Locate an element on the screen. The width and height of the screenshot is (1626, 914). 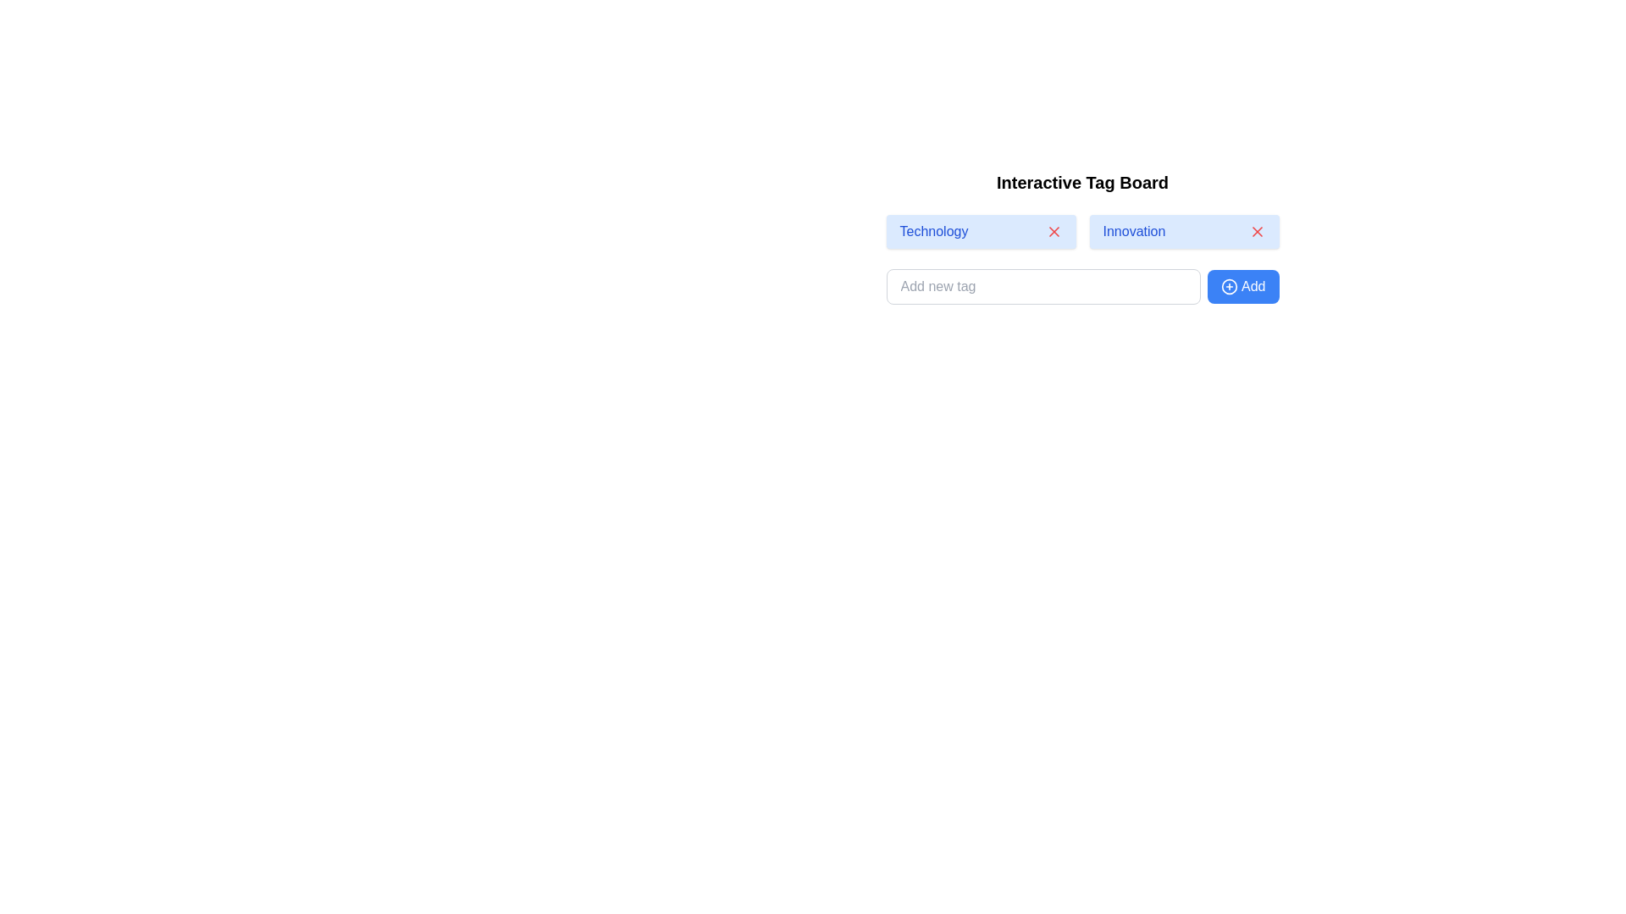
the first tag in the horizontal list of tags for selection or interaction, which is located near the top-center of the interface is located at coordinates (981, 231).